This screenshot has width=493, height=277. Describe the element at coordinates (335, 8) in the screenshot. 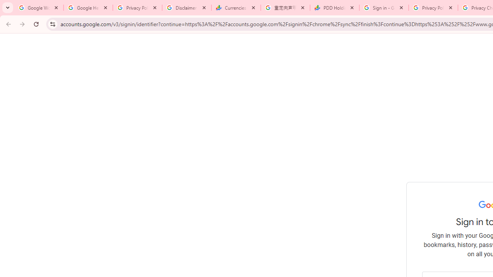

I see `'PDD Holdings Inc - ADR (PDD) Price & News - Google Finance'` at that location.